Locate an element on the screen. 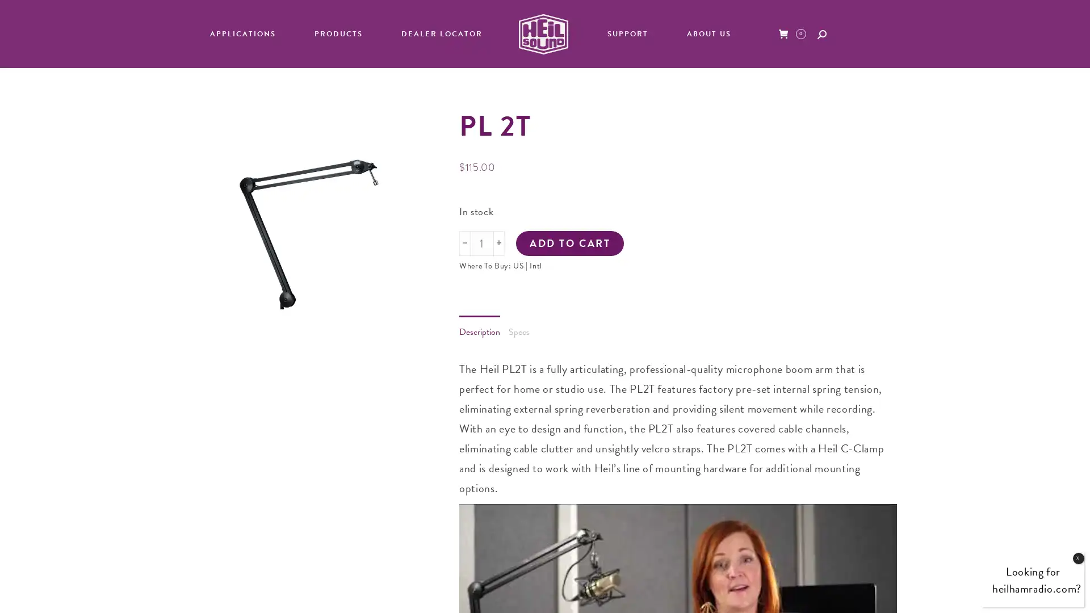 The height and width of the screenshot is (613, 1090). Close is located at coordinates (1078, 557).